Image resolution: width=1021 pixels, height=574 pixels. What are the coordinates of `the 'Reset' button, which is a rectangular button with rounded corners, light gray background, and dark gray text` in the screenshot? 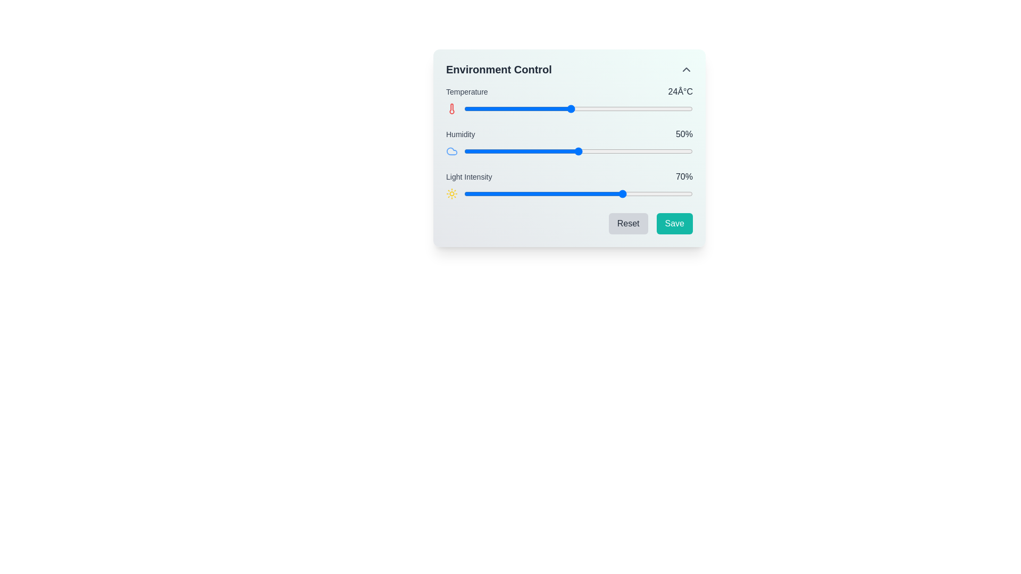 It's located at (628, 223).